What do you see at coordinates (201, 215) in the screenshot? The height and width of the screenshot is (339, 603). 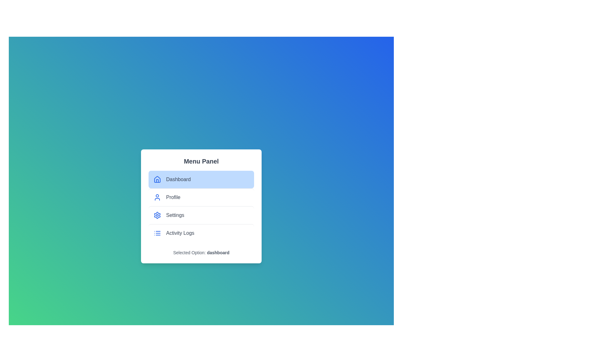 I see `the menu item Settings` at bounding box center [201, 215].